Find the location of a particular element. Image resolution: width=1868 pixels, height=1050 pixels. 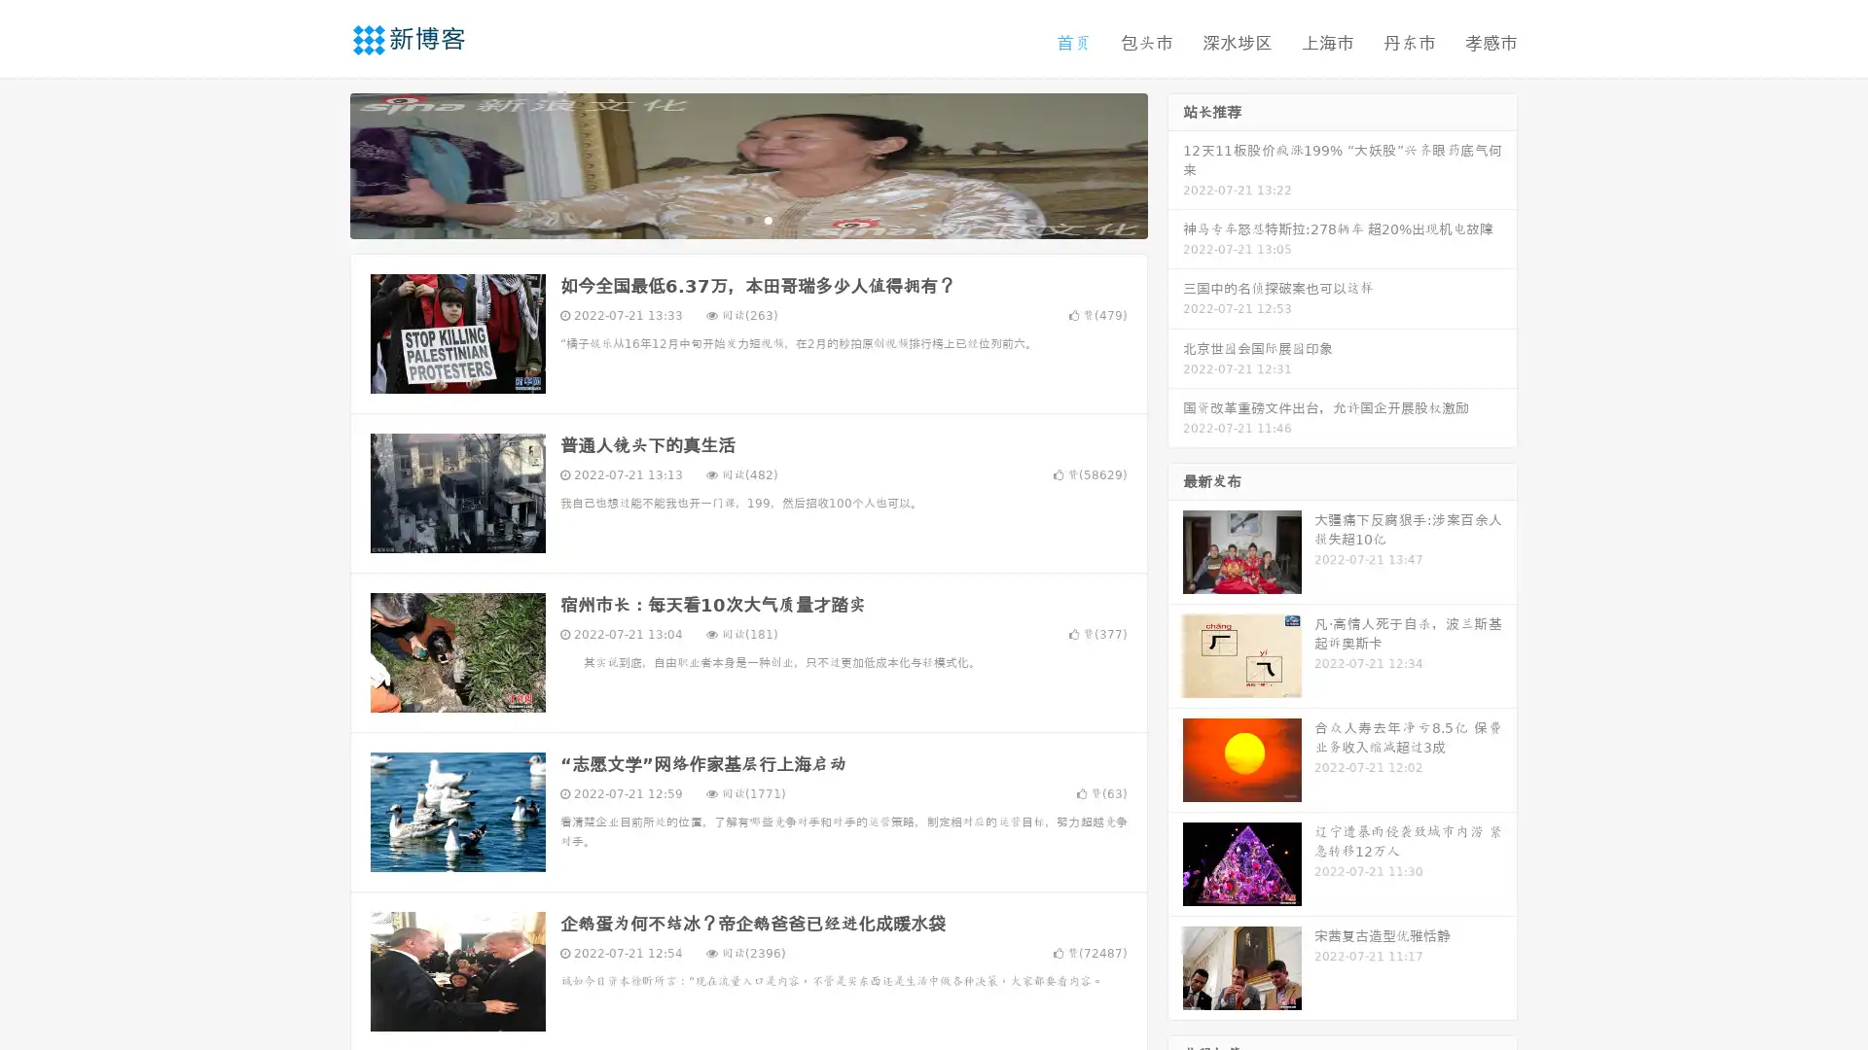

Go to slide 1 is located at coordinates (728, 219).